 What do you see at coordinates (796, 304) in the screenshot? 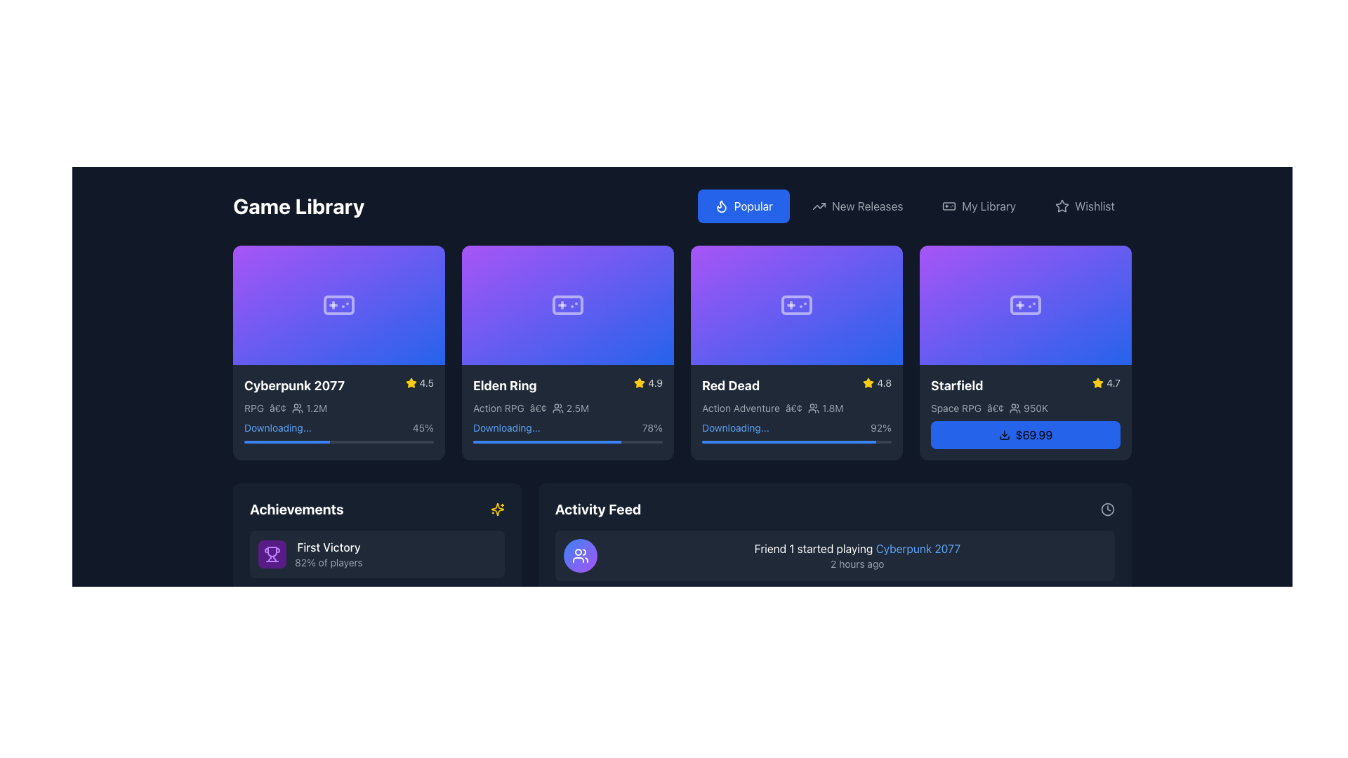
I see `the game controller icon with a gradient purple background located in the third card from the left in the top row of the interface` at bounding box center [796, 304].